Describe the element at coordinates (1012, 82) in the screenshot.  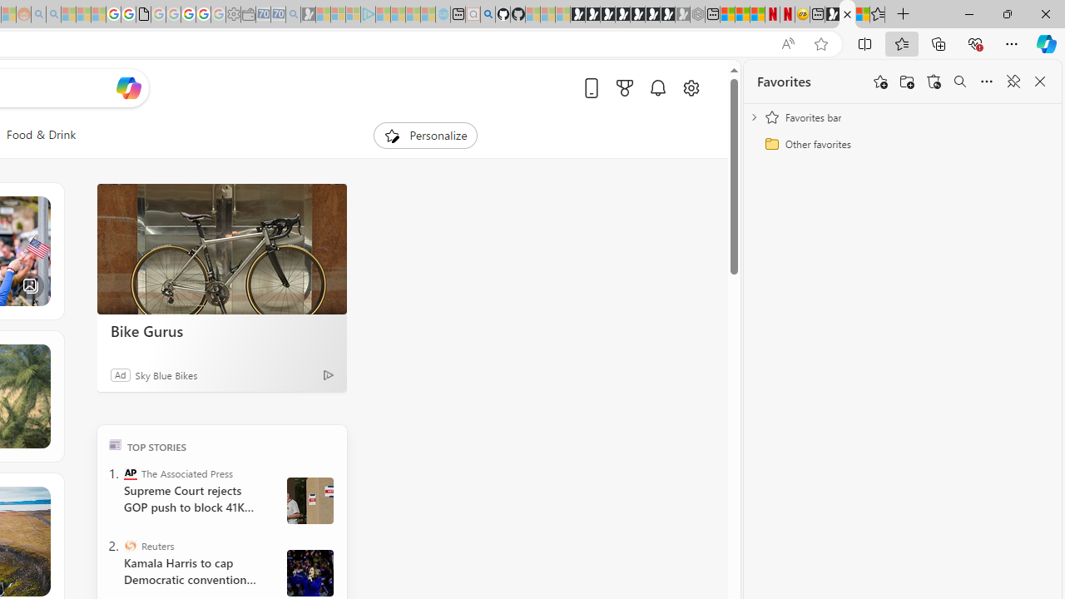
I see `'Unpin favorites'` at that location.